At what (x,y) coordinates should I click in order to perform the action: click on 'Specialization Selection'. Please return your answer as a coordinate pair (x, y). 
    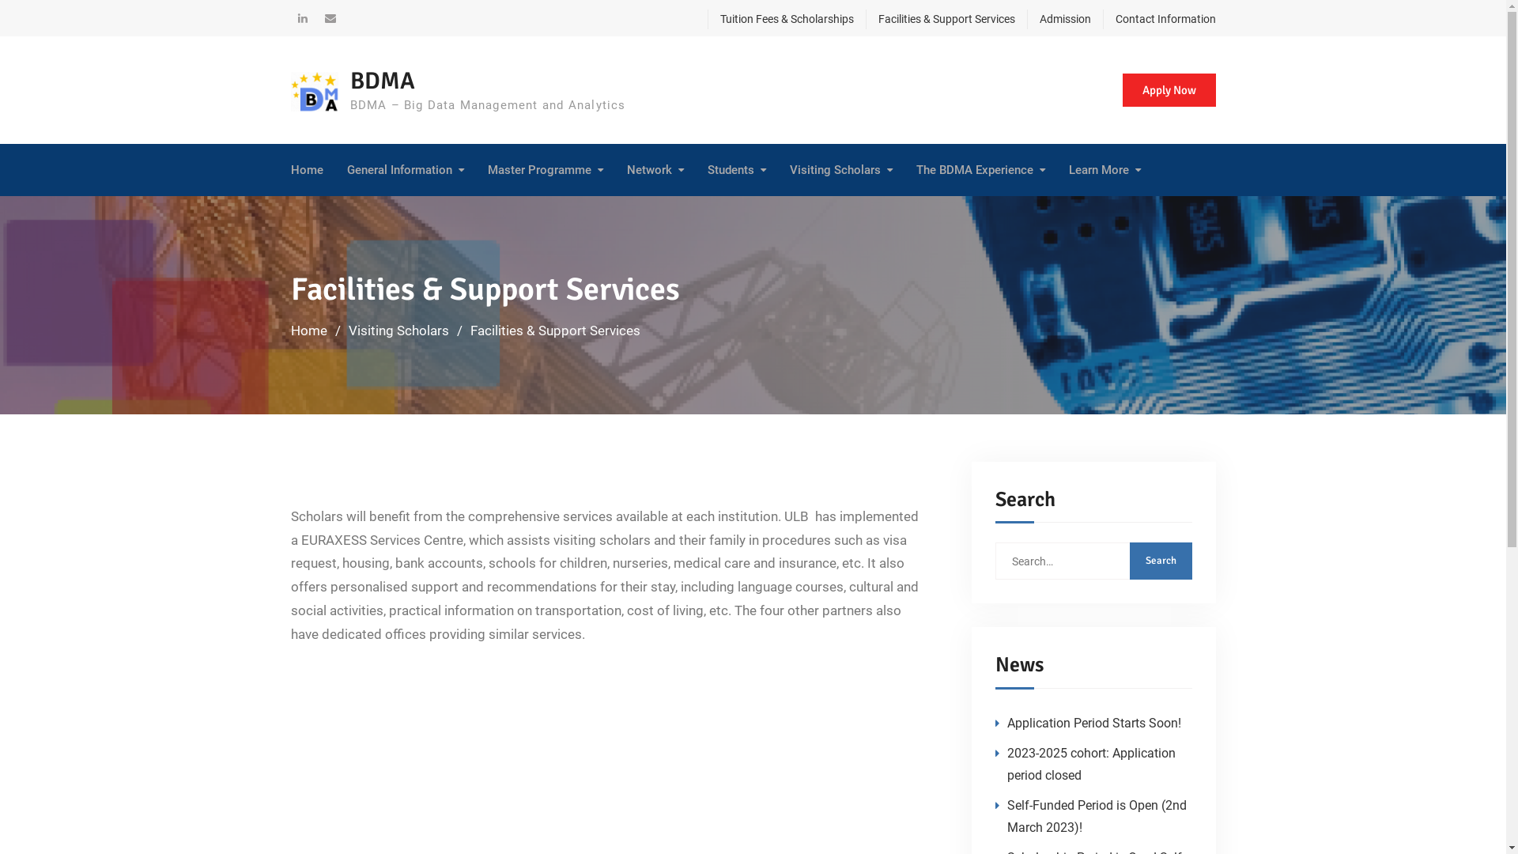
    Looking at the image, I should click on (564, 210).